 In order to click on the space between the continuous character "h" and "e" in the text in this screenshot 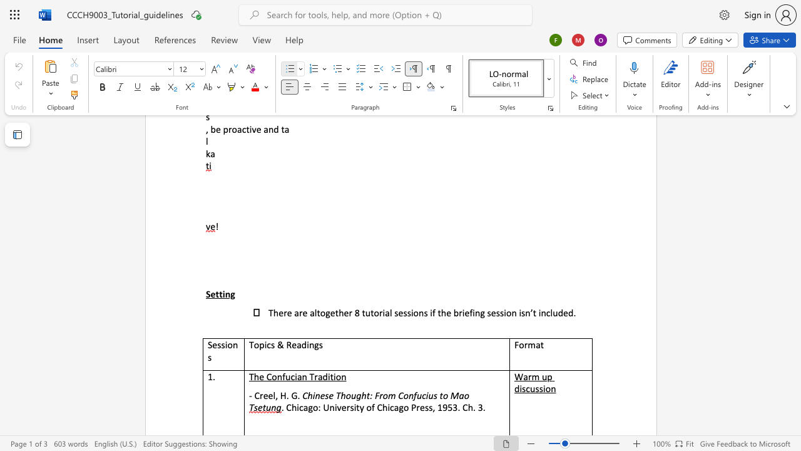, I will do `click(258, 376)`.